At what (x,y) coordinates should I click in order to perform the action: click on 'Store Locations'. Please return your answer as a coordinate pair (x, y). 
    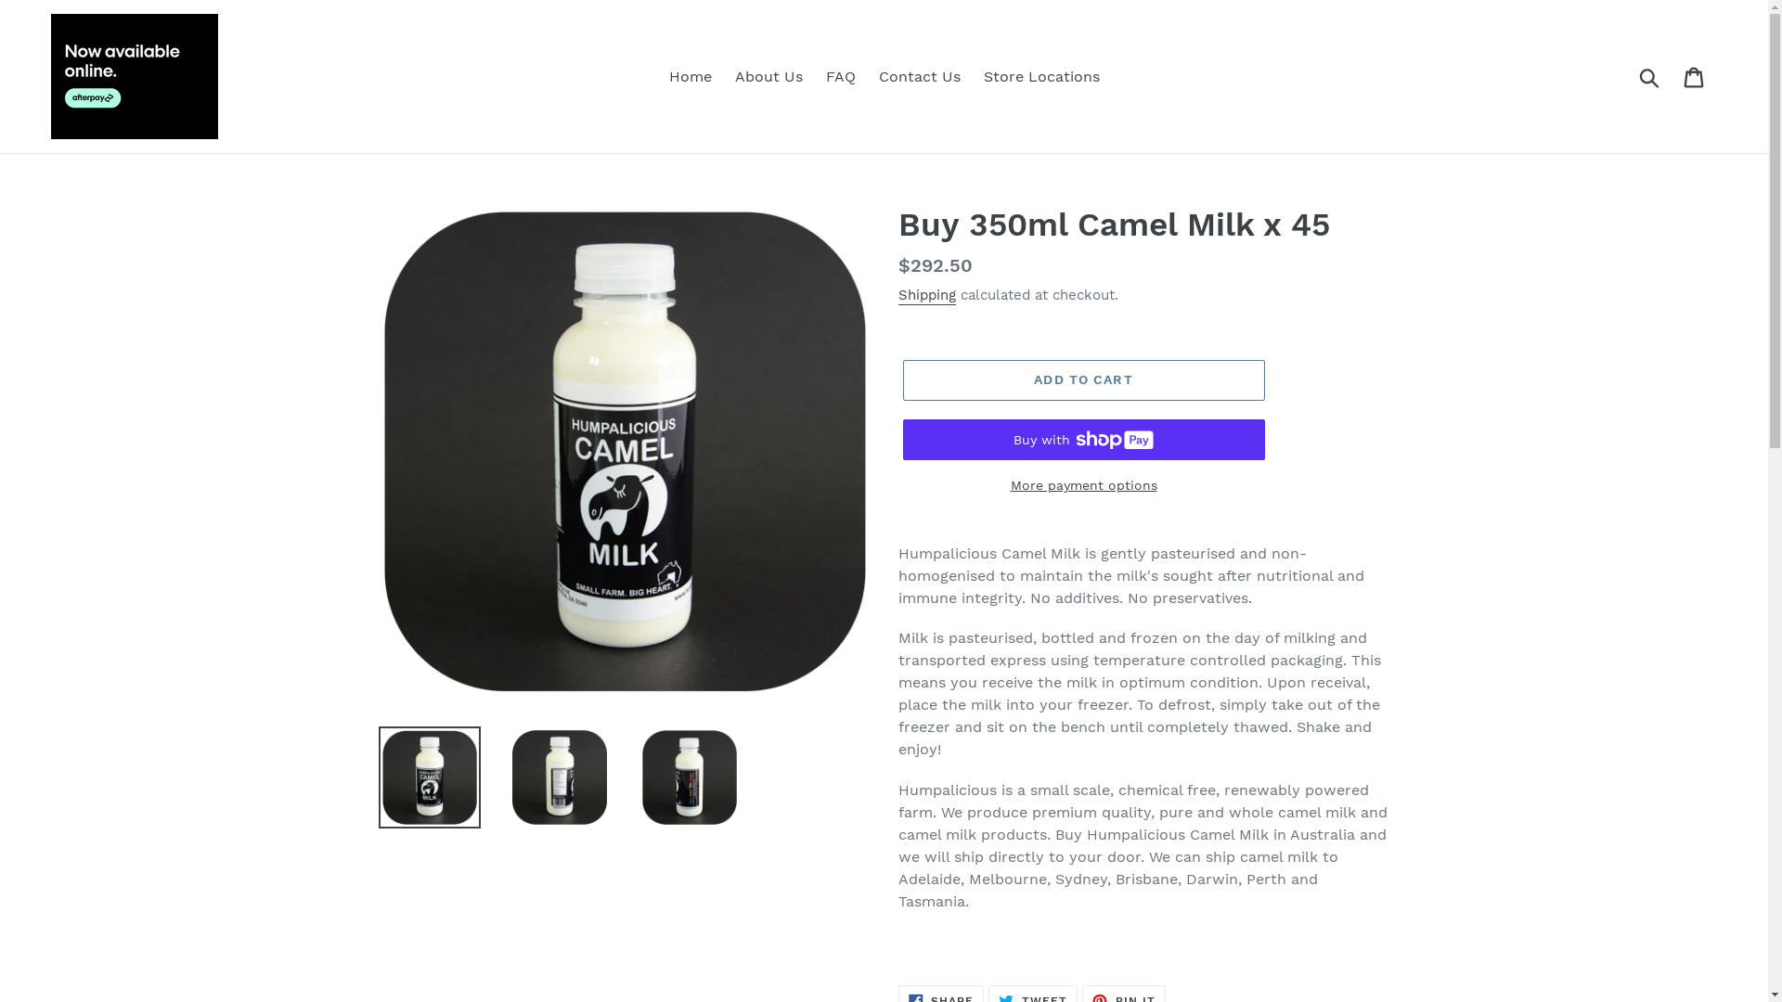
    Looking at the image, I should click on (1041, 76).